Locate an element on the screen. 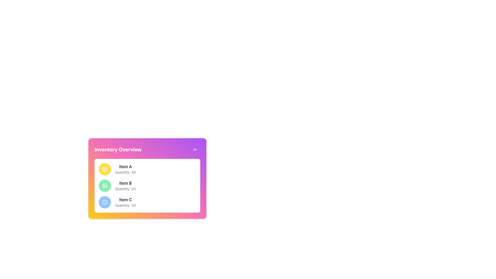  the icon representing 'Item A' located in the 'Inventory Overview' section, positioned to the left of the text 'Item A Quantity: 40' is located at coordinates (105, 169).